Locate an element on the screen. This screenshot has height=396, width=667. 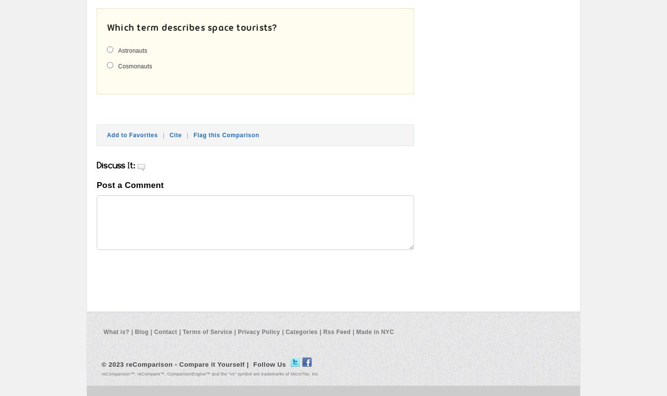
'Contact' is located at coordinates (153, 331).